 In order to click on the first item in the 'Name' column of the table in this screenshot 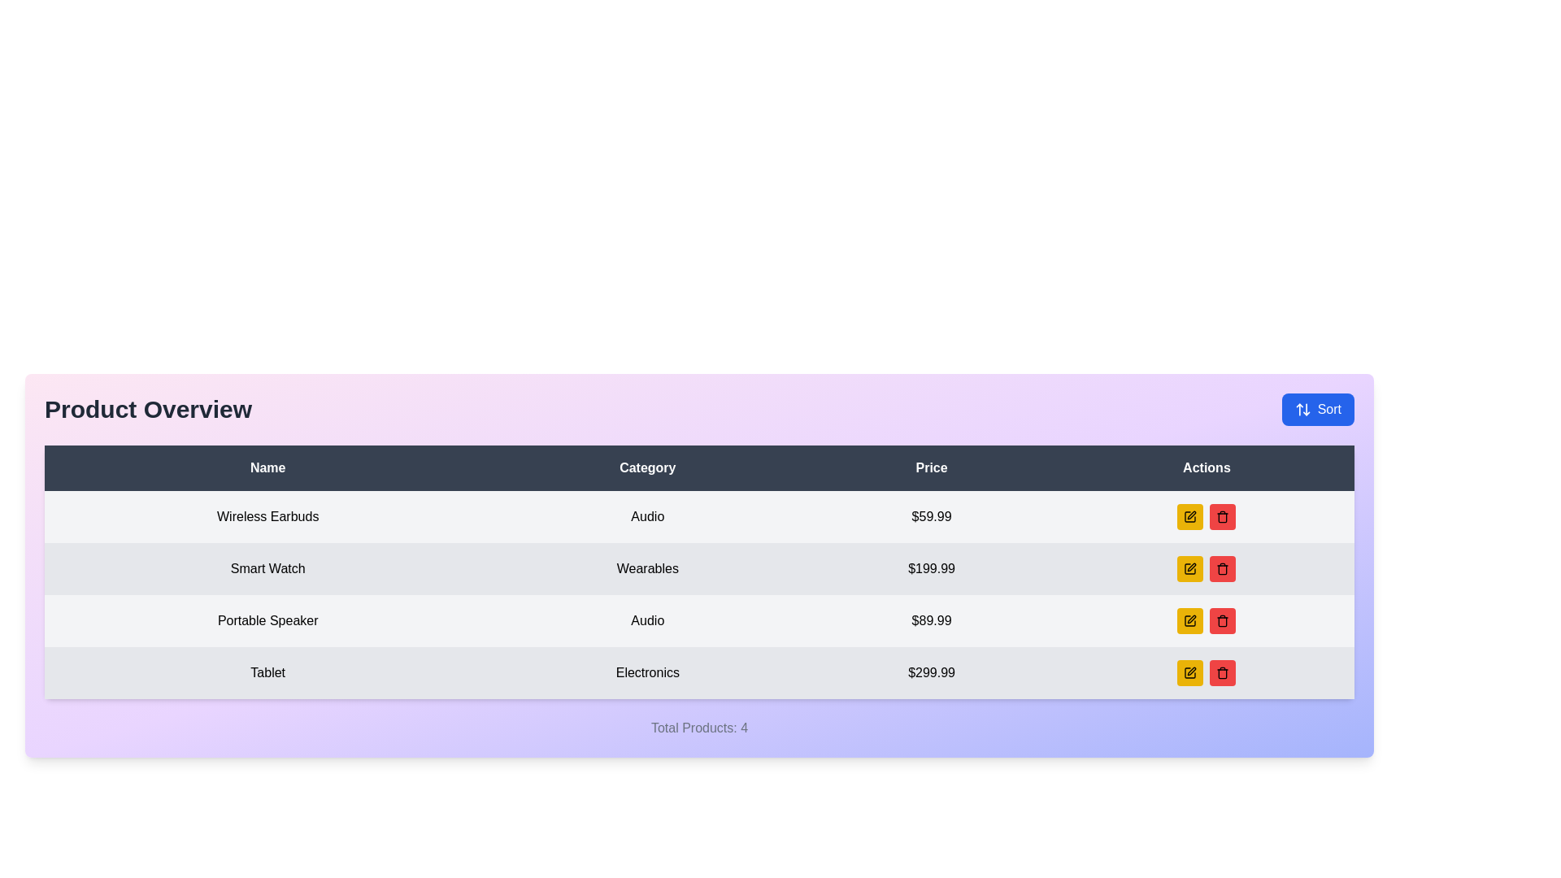, I will do `click(267, 517)`.